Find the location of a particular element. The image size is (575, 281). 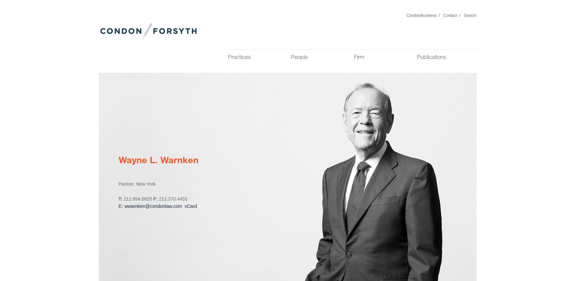

'wwarnken@' is located at coordinates (137, 206).